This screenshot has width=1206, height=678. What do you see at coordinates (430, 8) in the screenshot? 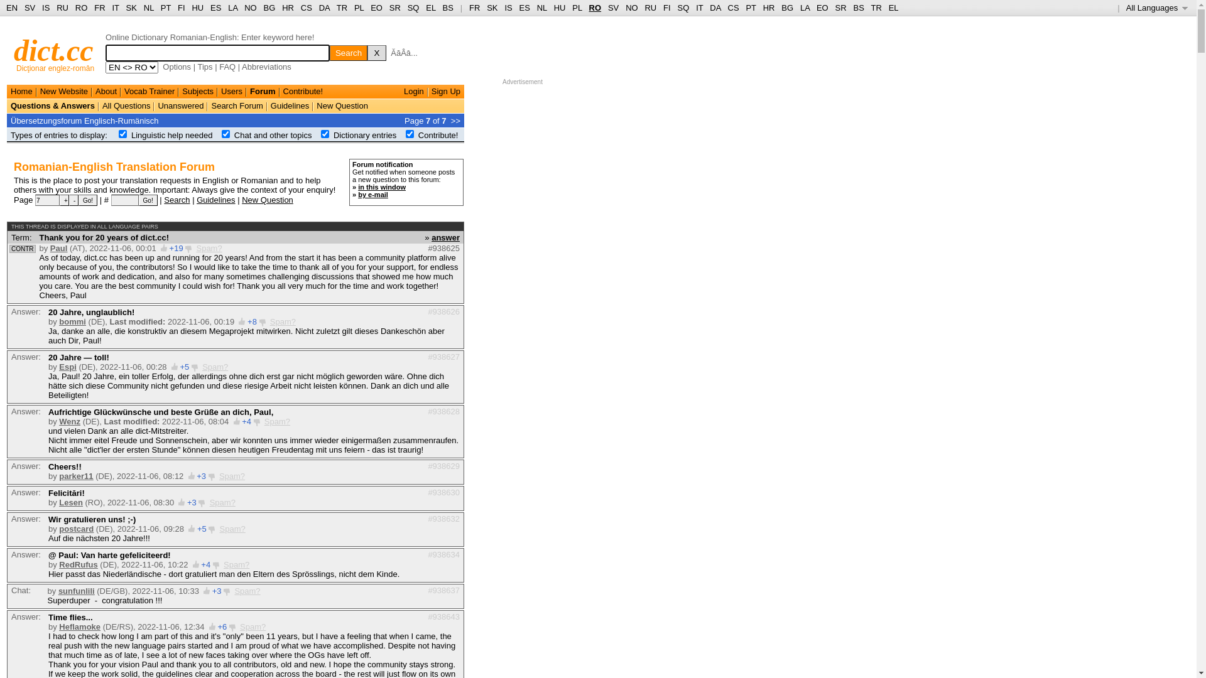
I see `'EL'` at bounding box center [430, 8].